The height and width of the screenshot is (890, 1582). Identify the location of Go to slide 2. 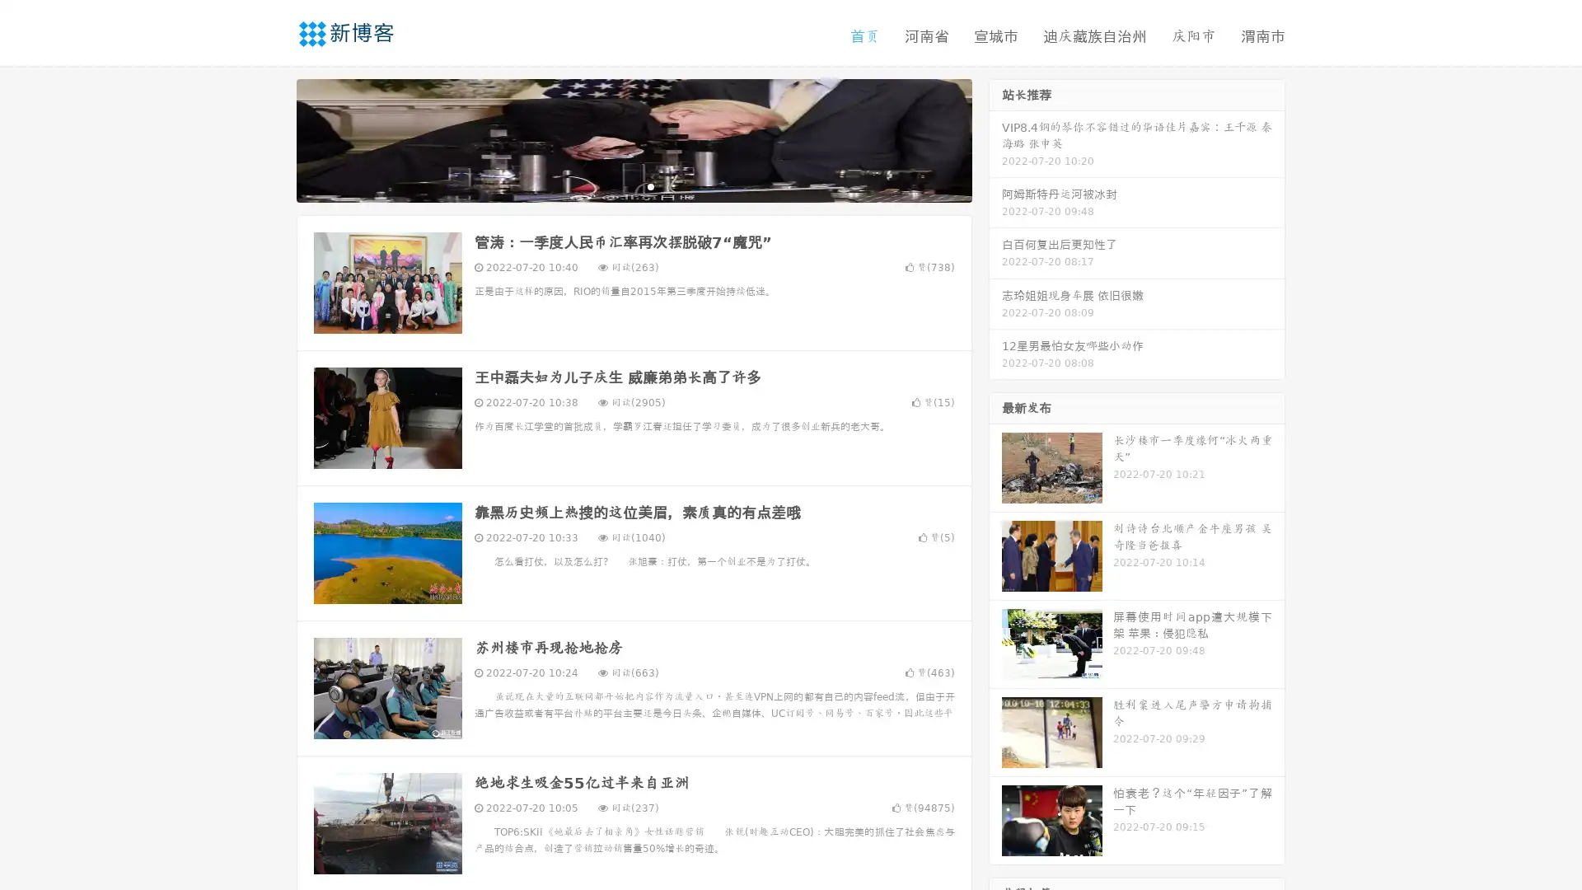
(633, 185).